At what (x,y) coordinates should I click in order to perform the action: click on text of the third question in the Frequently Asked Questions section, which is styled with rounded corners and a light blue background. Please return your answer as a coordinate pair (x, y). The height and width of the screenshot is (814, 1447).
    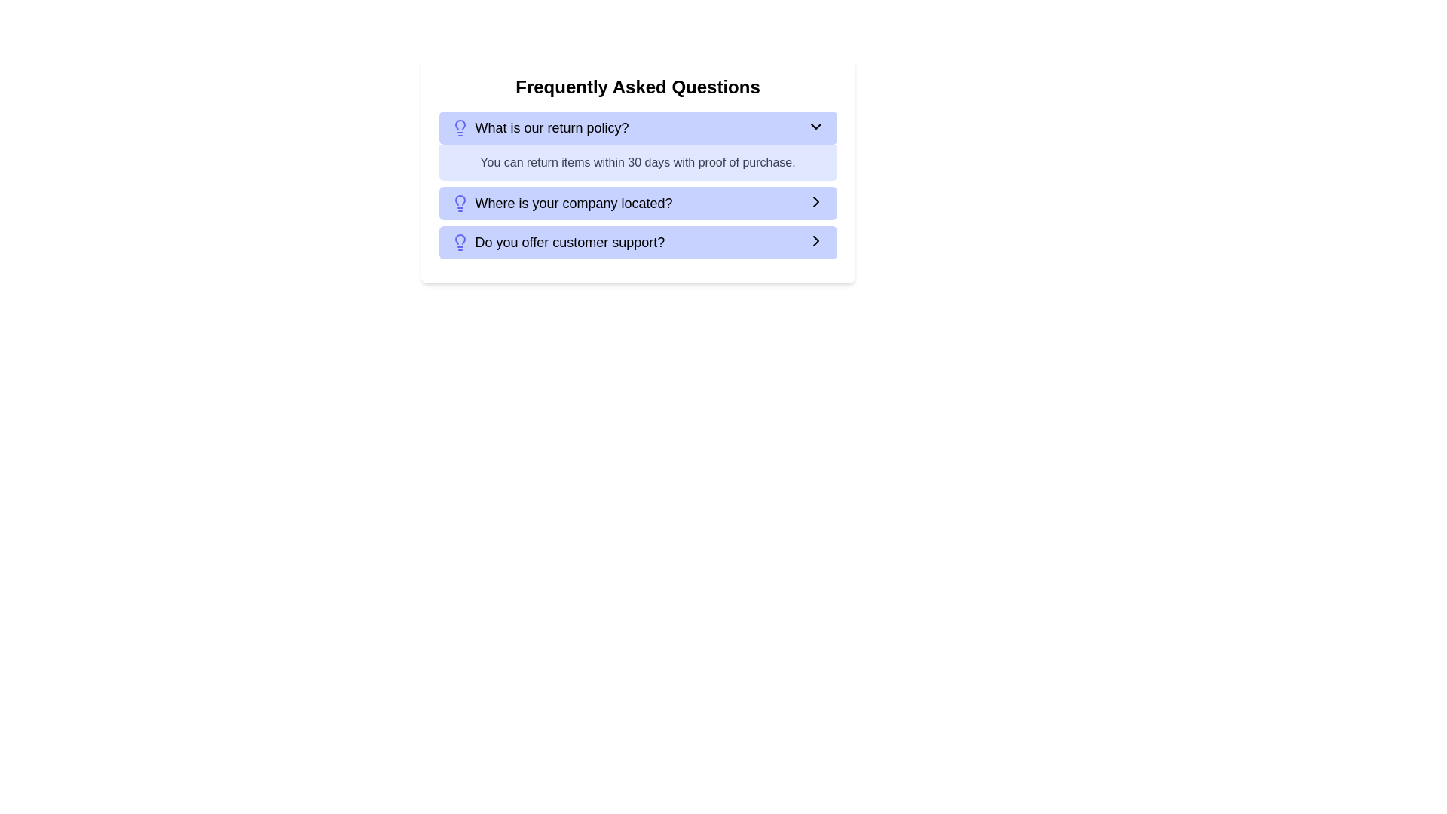
    Looking at the image, I should click on (557, 241).